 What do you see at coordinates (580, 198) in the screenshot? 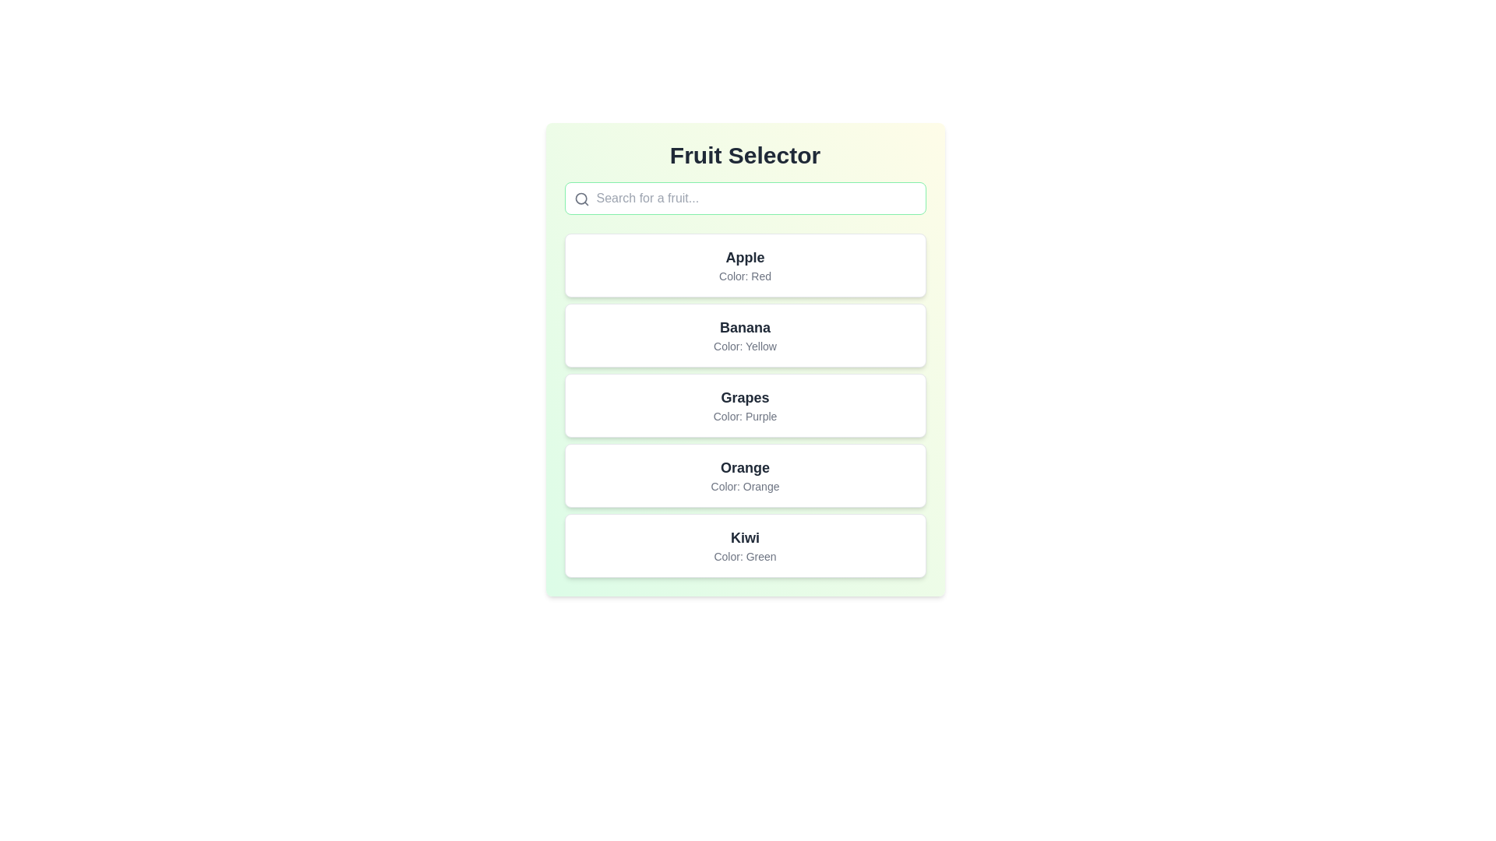
I see `the circular icon component of the magnifying glass located at the top-left corner of the Fruit Selector interface` at bounding box center [580, 198].